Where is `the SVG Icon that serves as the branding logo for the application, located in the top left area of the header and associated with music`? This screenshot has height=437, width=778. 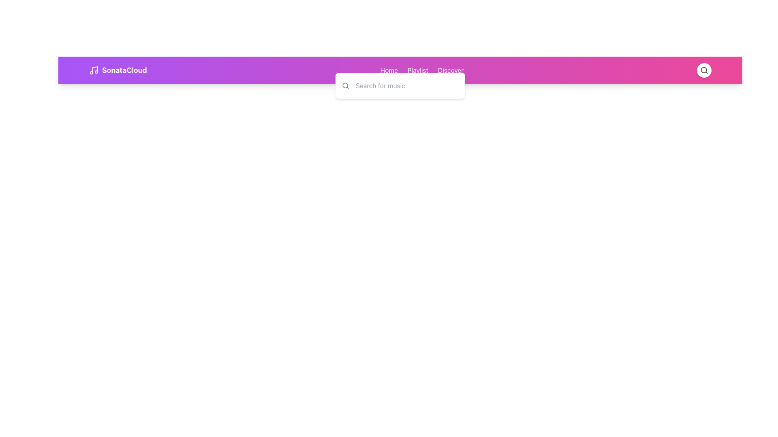
the SVG Icon that serves as the branding logo for the application, located in the top left area of the header and associated with music is located at coordinates (94, 70).